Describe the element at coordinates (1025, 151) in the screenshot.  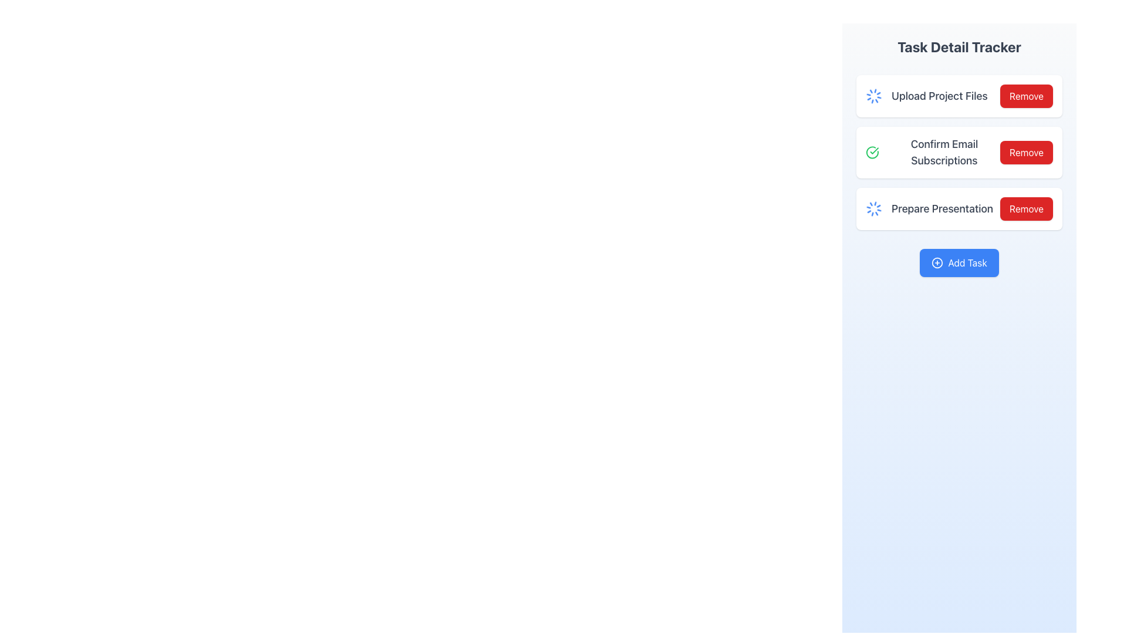
I see `the 'Remove' button with a red background and white text for keyboard navigation` at that location.